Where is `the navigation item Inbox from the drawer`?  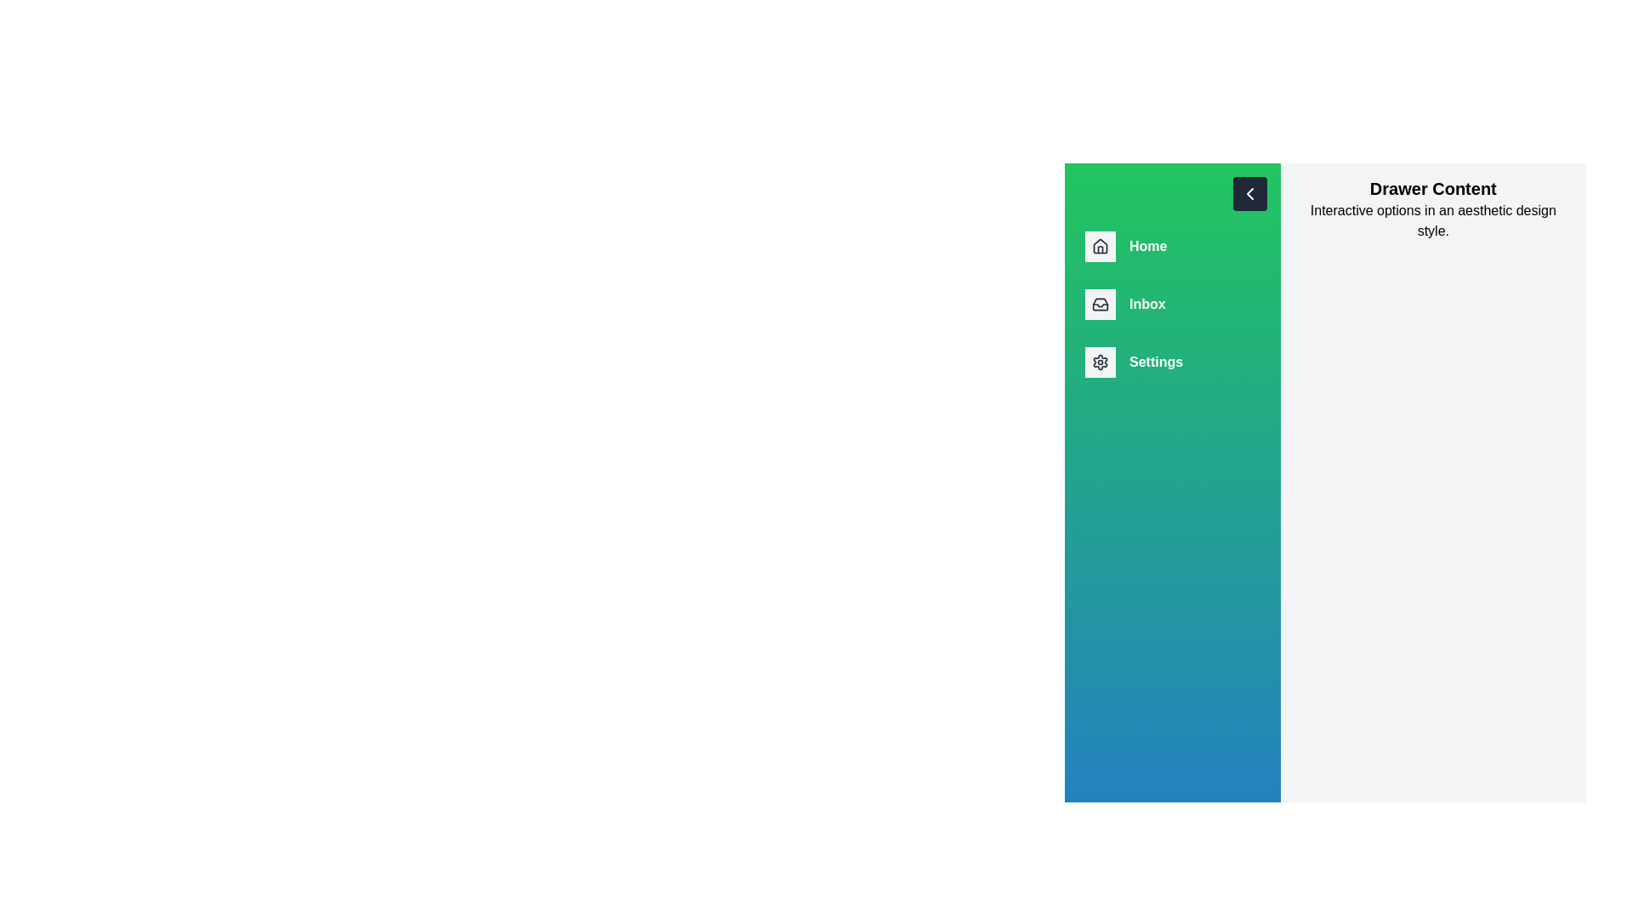
the navigation item Inbox from the drawer is located at coordinates (1170, 304).